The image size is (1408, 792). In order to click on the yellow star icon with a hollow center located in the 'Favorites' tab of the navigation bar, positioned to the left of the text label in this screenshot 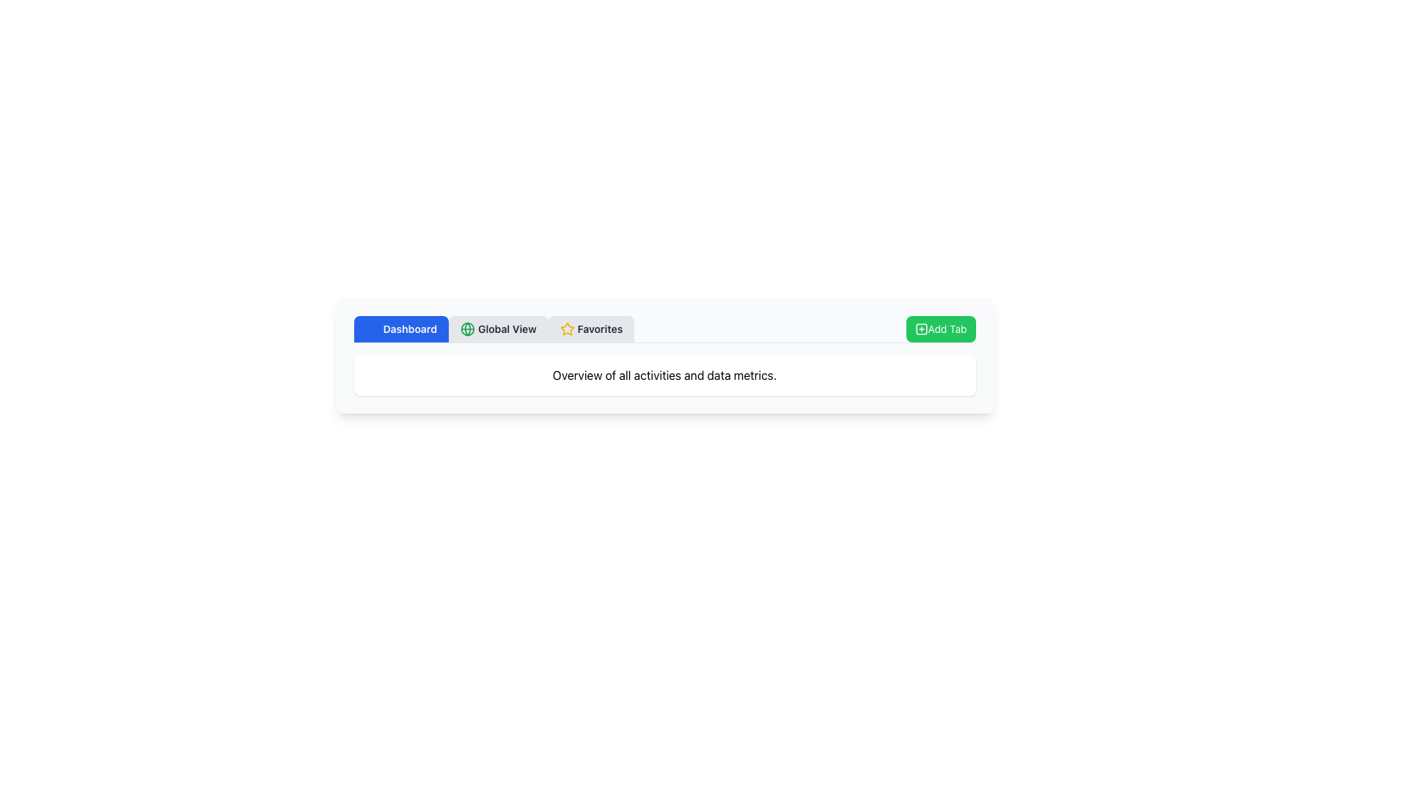, I will do `click(566, 328)`.